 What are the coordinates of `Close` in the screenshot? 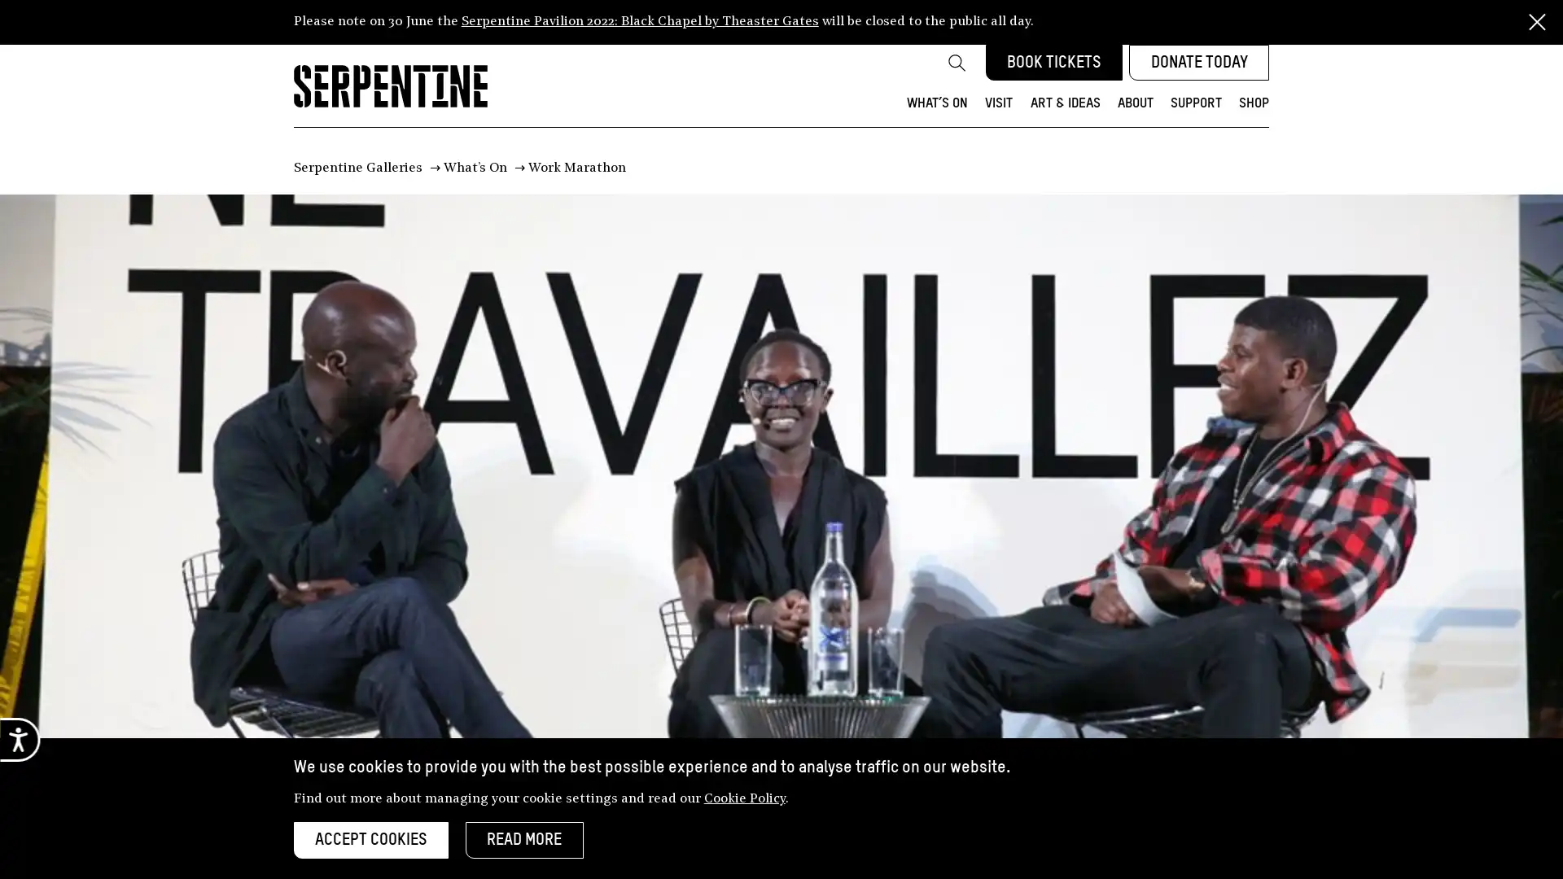 It's located at (1535, 22).